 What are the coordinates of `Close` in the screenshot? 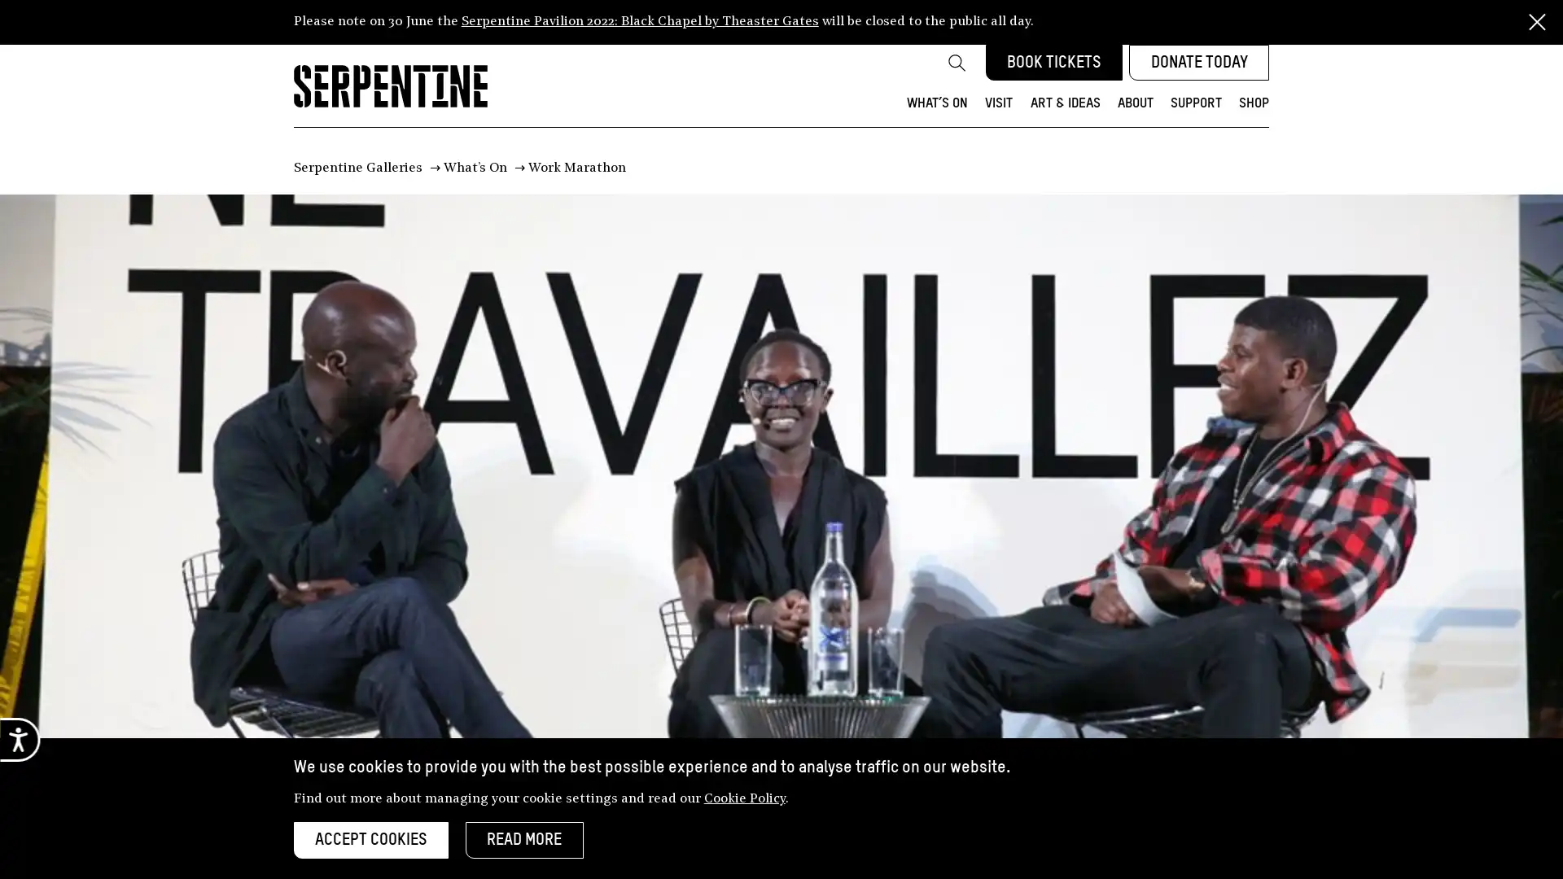 It's located at (1535, 22).